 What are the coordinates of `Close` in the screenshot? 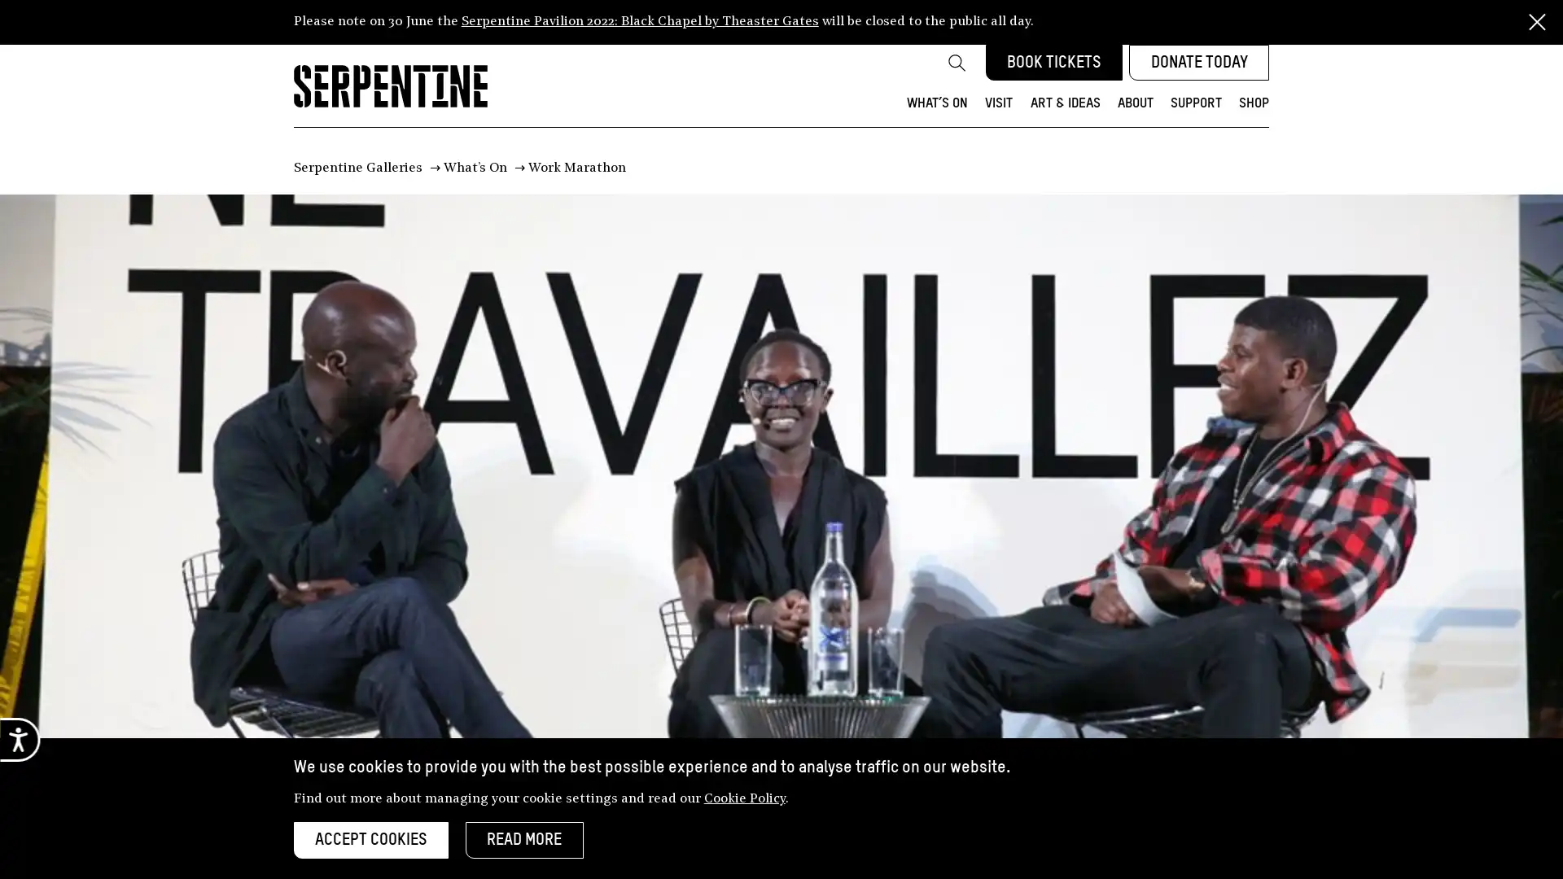 It's located at (1535, 22).